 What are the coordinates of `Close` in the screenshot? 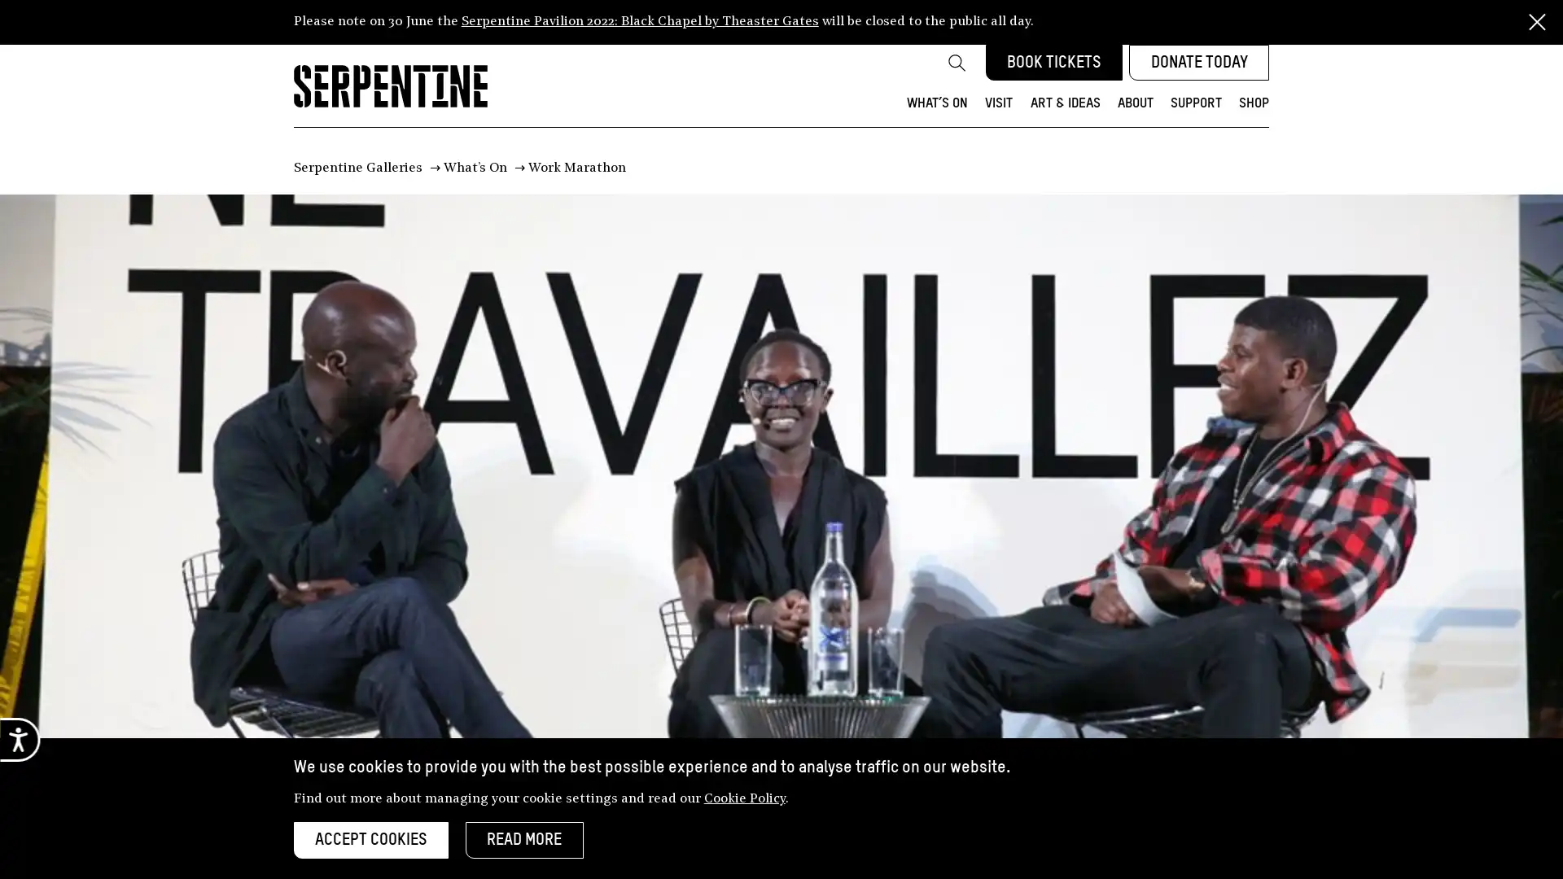 It's located at (1535, 22).